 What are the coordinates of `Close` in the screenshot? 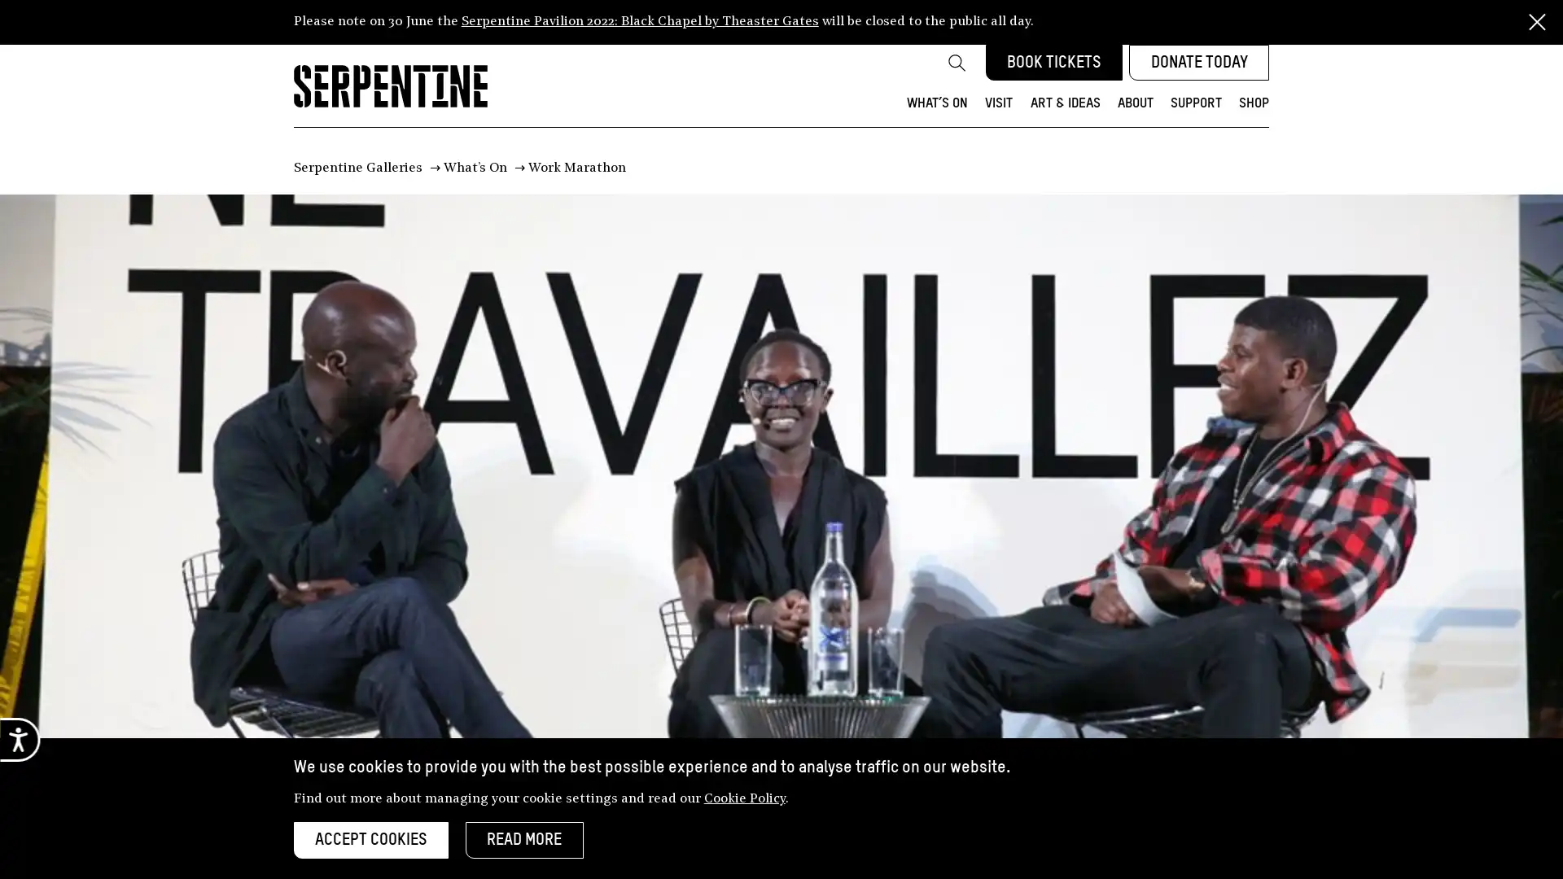 It's located at (1535, 22).